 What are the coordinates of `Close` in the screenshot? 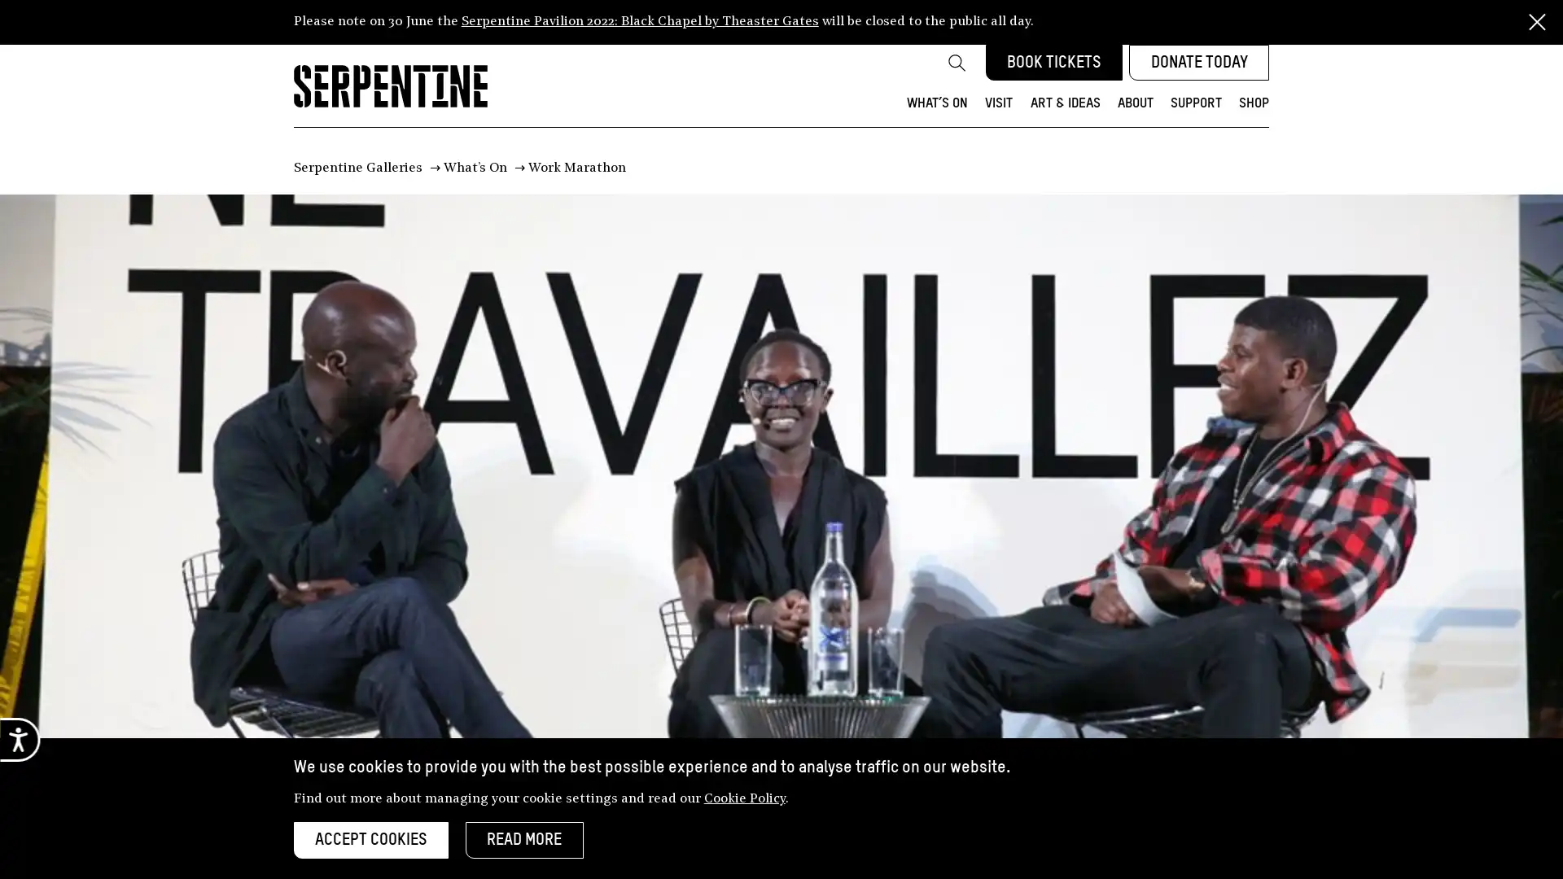 It's located at (1535, 22).